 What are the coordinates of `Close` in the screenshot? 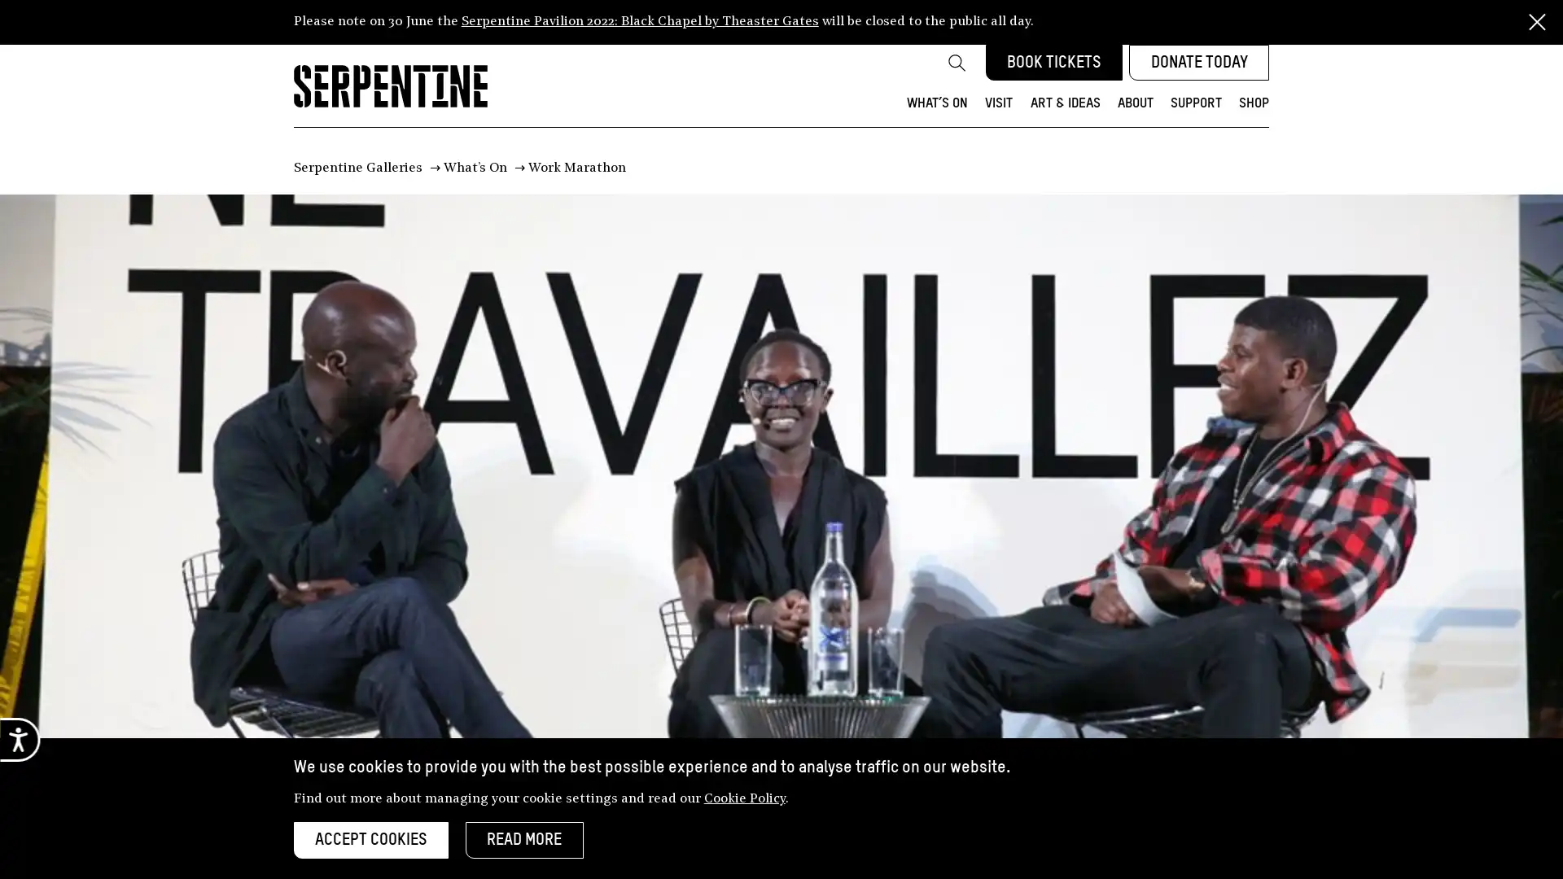 It's located at (1535, 22).